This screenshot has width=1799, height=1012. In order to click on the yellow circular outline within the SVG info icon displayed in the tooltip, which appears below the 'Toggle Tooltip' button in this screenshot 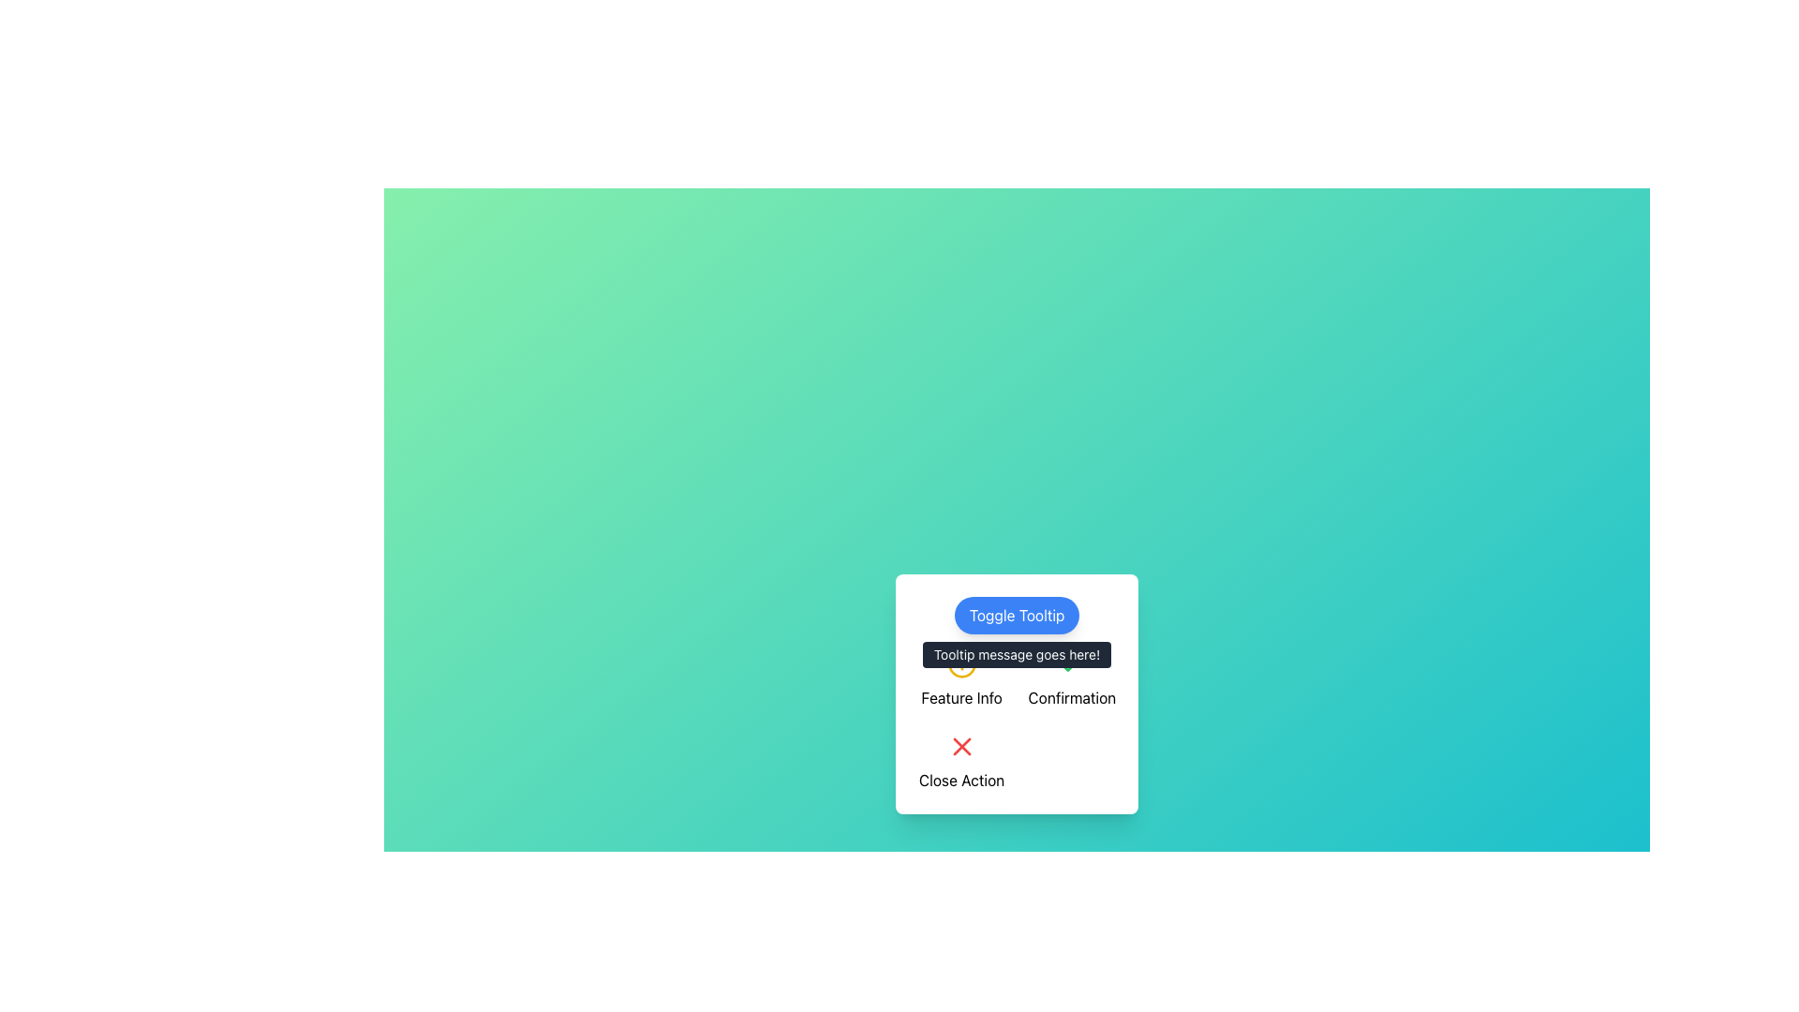, I will do `click(961, 663)`.